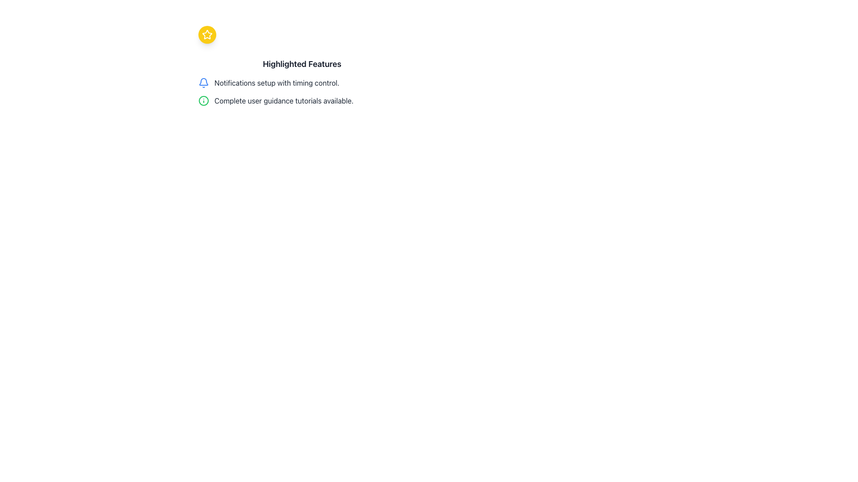 Image resolution: width=858 pixels, height=482 pixels. What do you see at coordinates (302, 82) in the screenshot?
I see `an individual feature within the Informational panel titled 'Highlighted Features', which contains a bell icon in blue and an information icon in green` at bounding box center [302, 82].